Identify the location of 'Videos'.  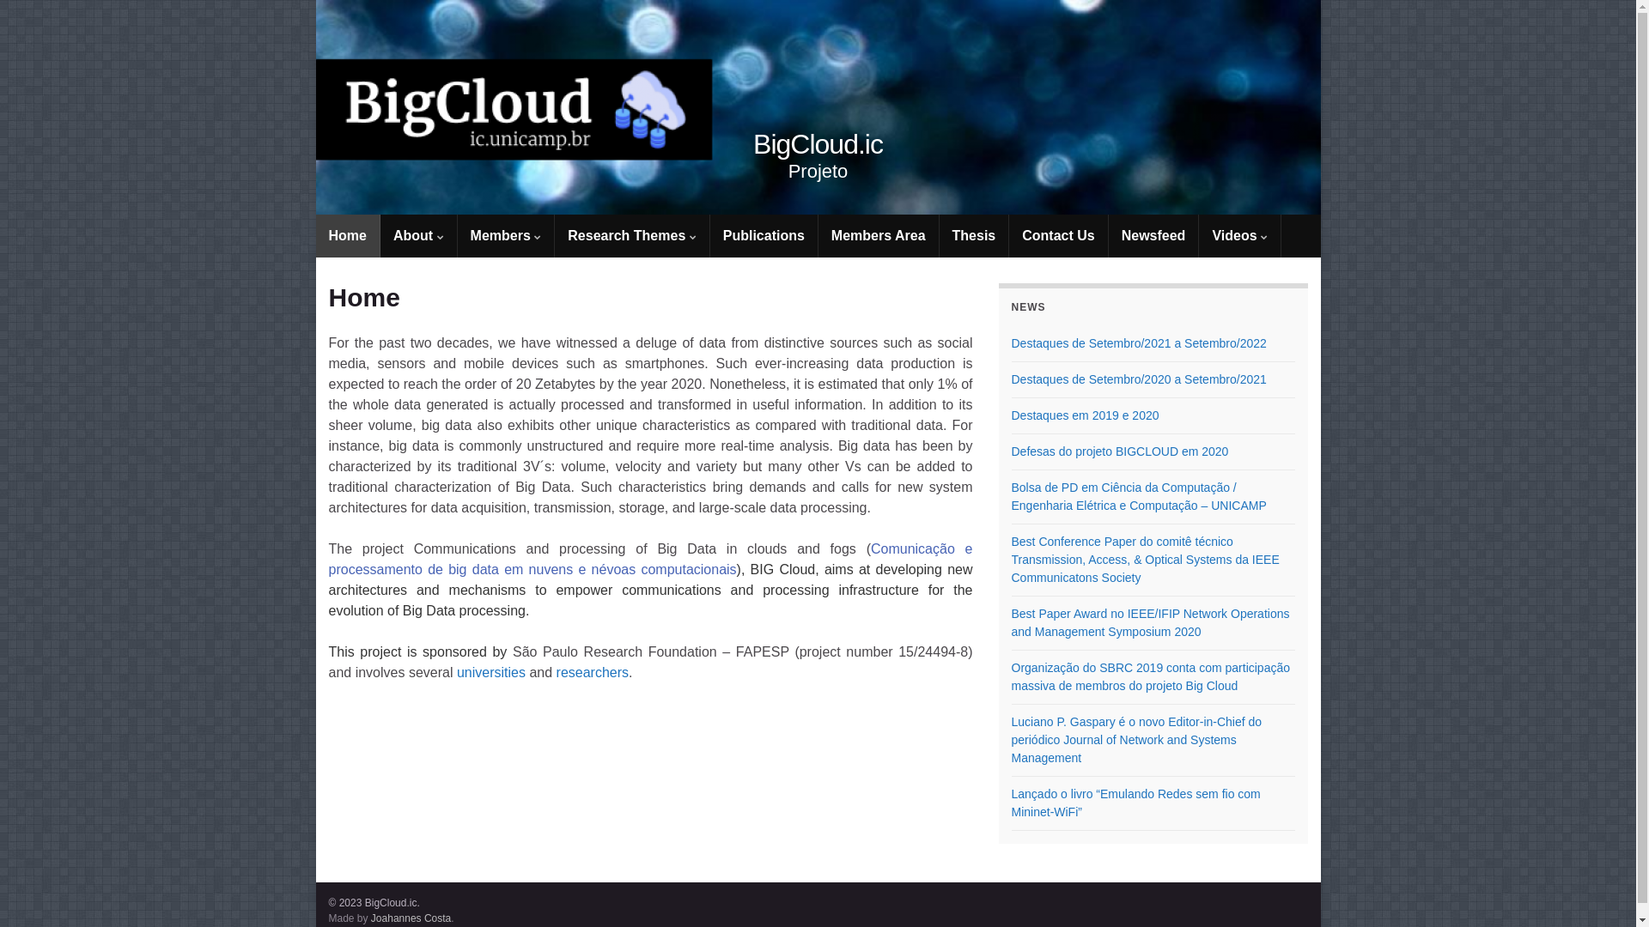
(1239, 235).